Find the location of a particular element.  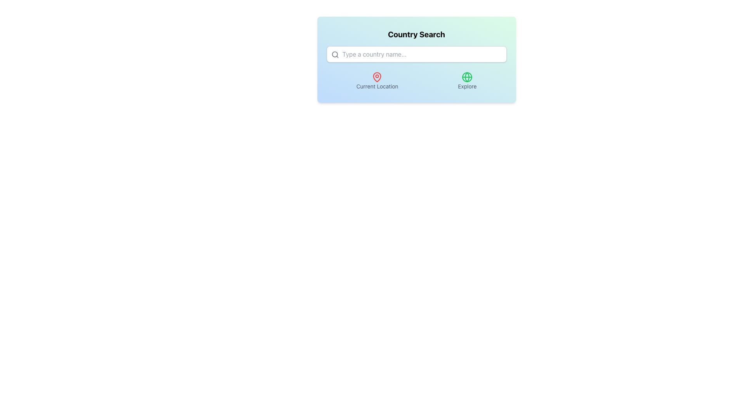

the 'Current Location' icon located within the 'Country Search' panel is located at coordinates (377, 77).